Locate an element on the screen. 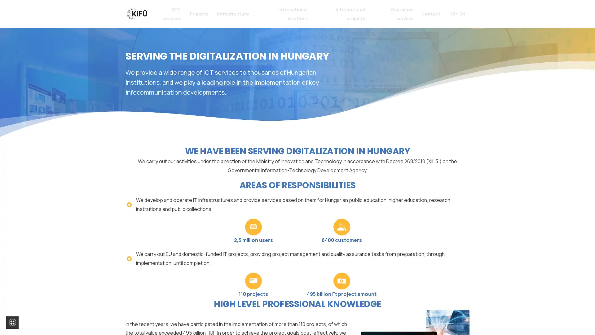 This screenshot has height=335, width=595. Change cookie settings is located at coordinates (12, 322).